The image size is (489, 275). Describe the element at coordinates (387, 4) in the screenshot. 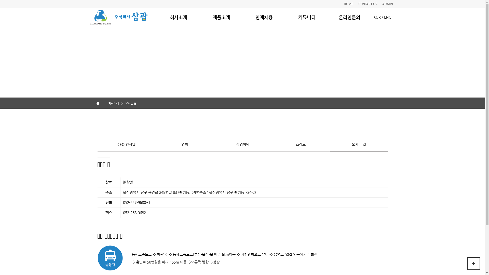

I see `'ADMIN'` at that location.